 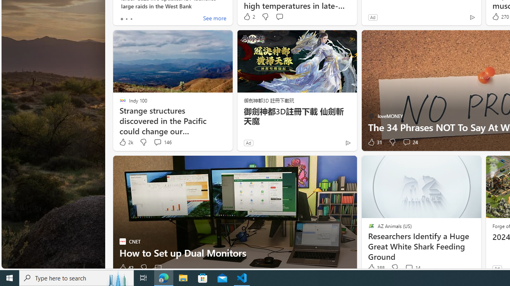 What do you see at coordinates (409, 267) in the screenshot?
I see `'View comments 14 Comment'` at bounding box center [409, 267].